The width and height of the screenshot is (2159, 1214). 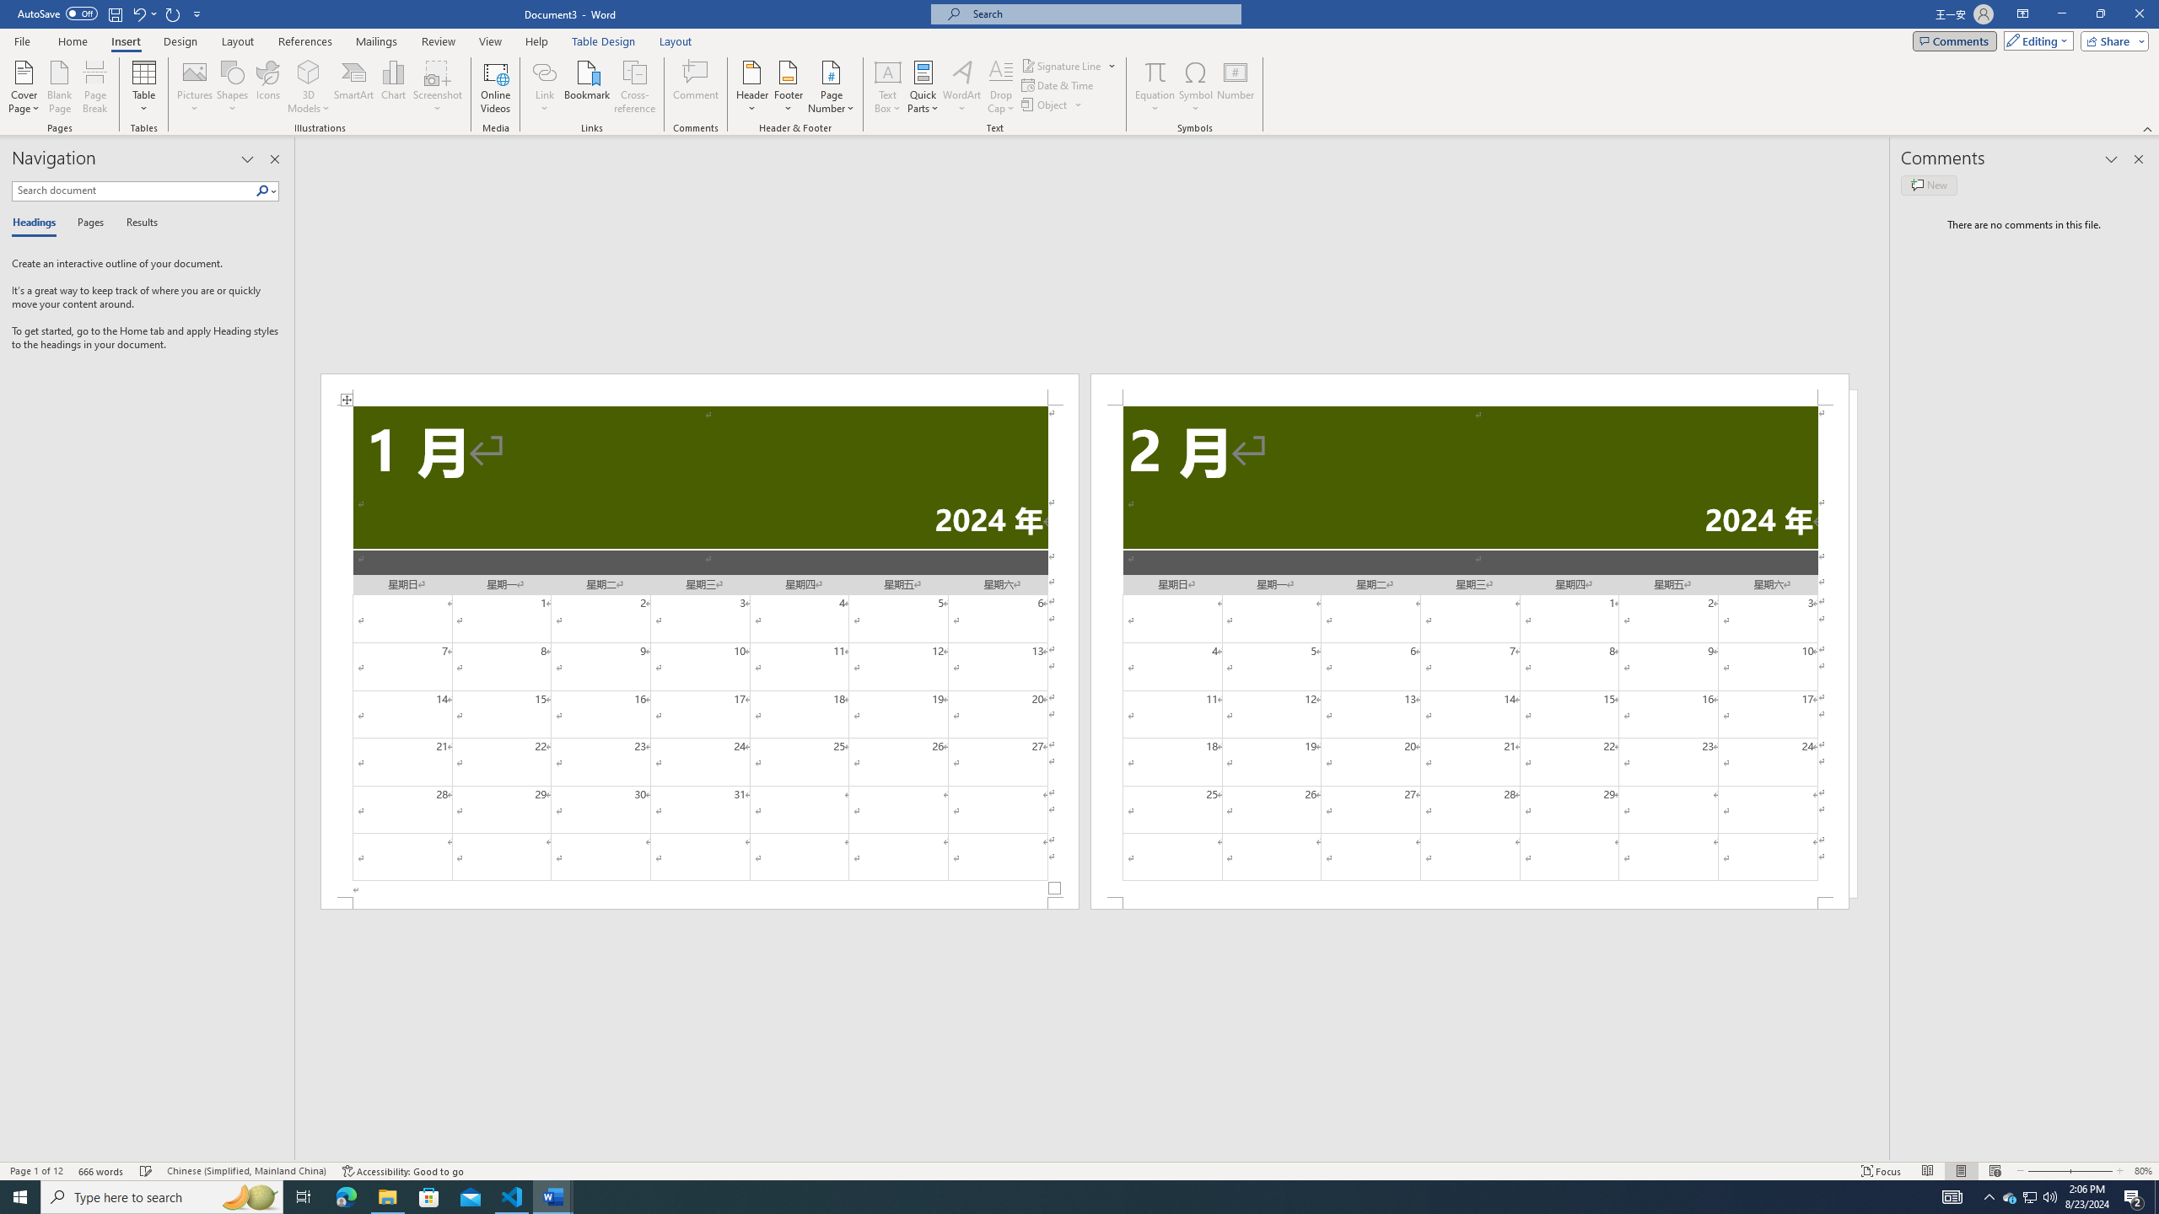 What do you see at coordinates (1881, 1171) in the screenshot?
I see `'Focus '` at bounding box center [1881, 1171].